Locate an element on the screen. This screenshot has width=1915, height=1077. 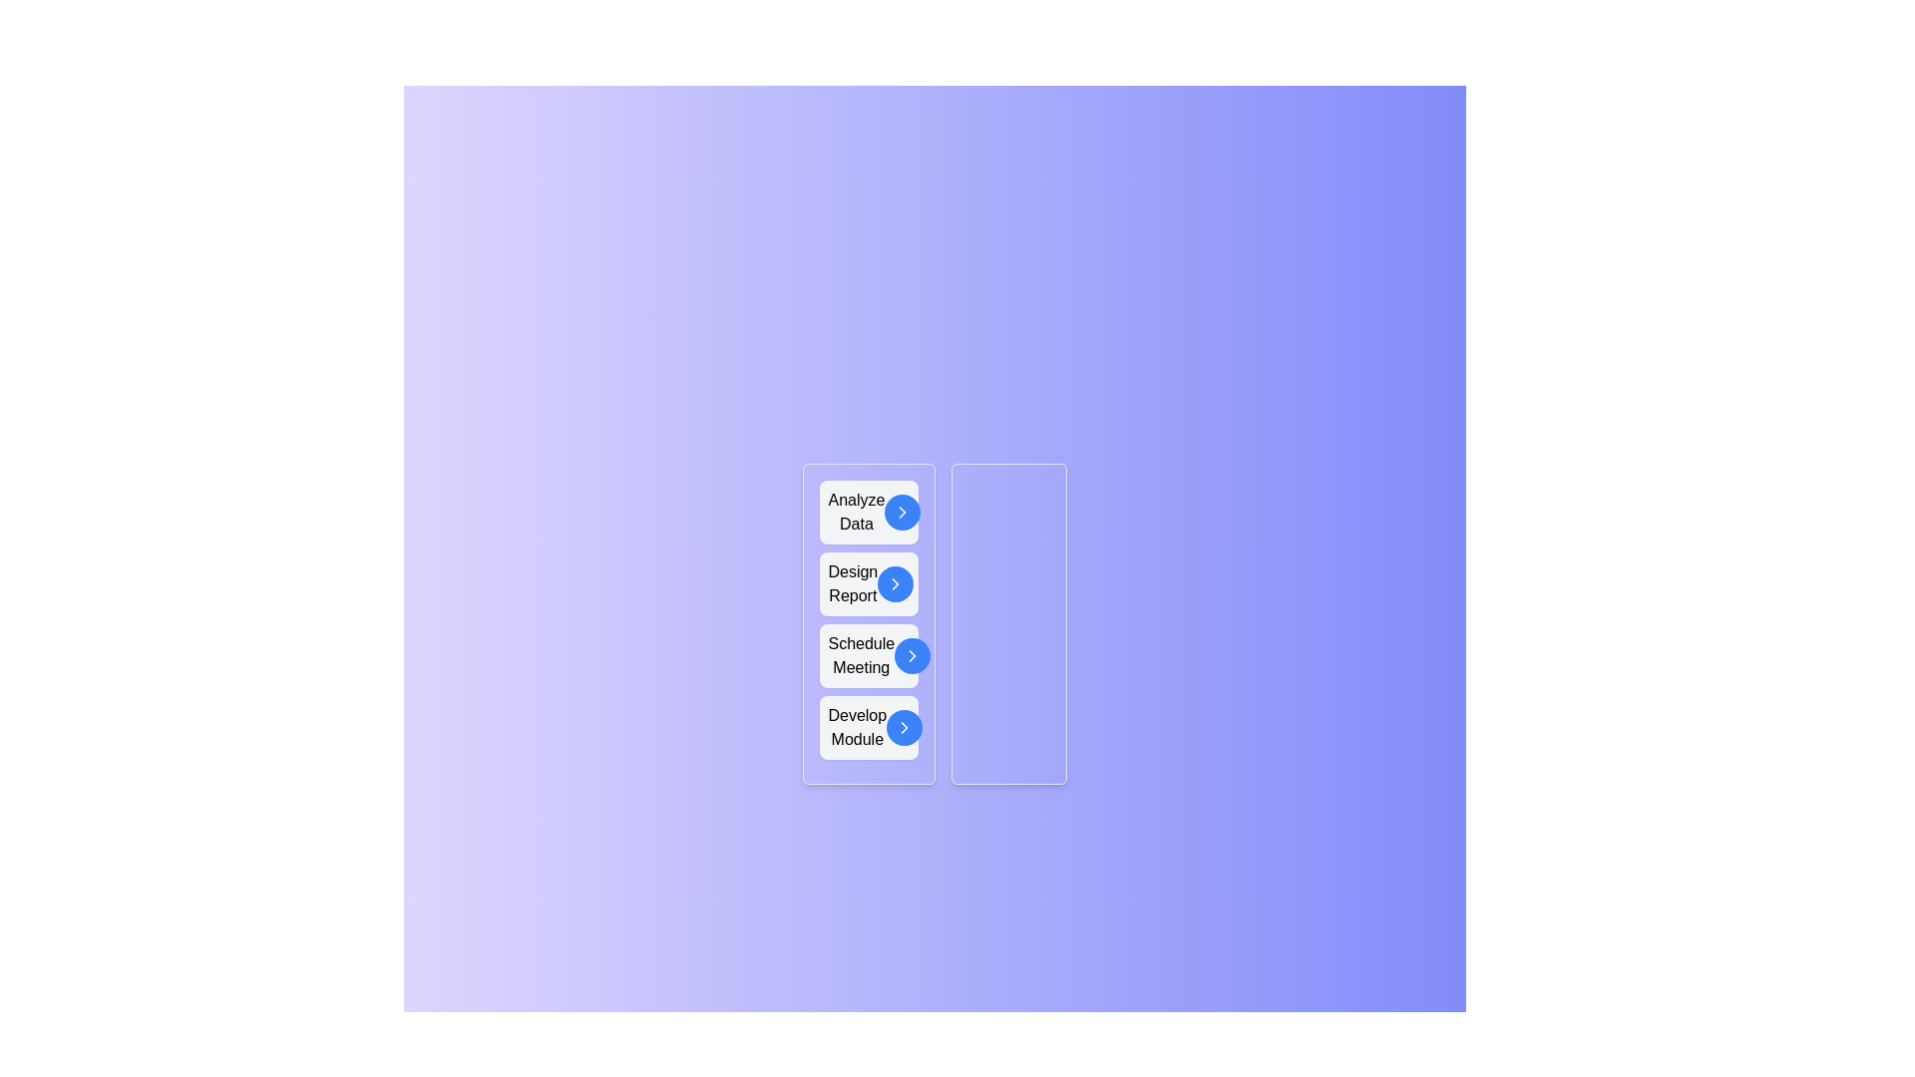
the task 'Analyze Data' to reveal additional visual effects or tooltips is located at coordinates (847, 498).